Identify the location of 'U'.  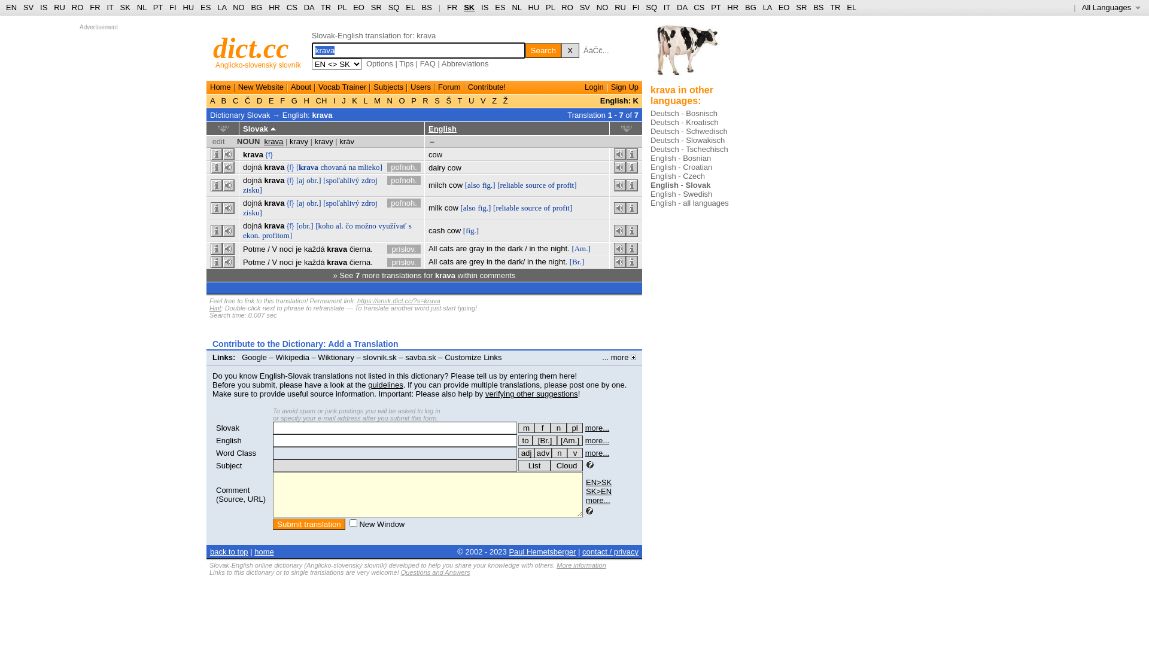
(470, 100).